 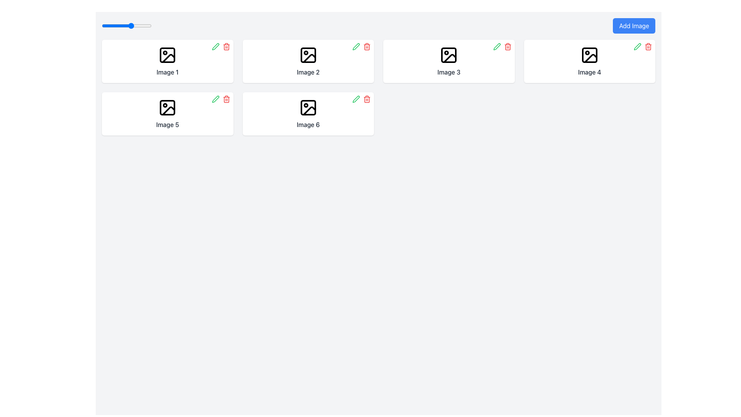 I want to click on the slider, so click(x=142, y=25).